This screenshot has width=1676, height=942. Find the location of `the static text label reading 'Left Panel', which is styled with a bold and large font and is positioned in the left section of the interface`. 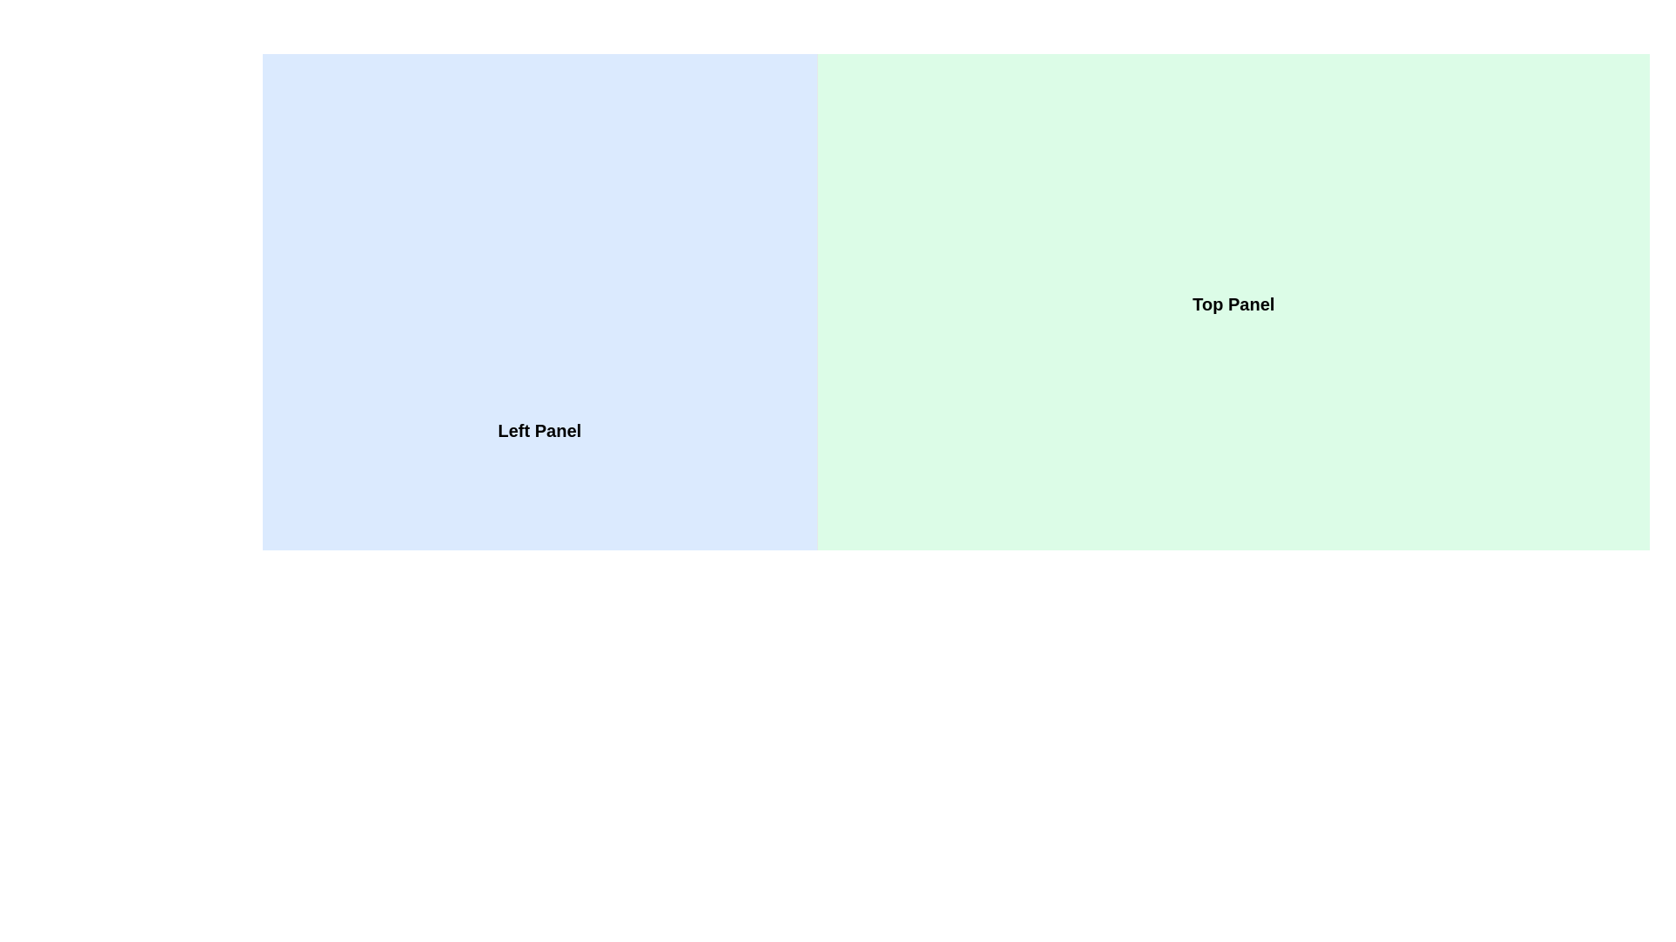

the static text label reading 'Left Panel', which is styled with a bold and large font and is positioned in the left section of the interface is located at coordinates (539, 430).